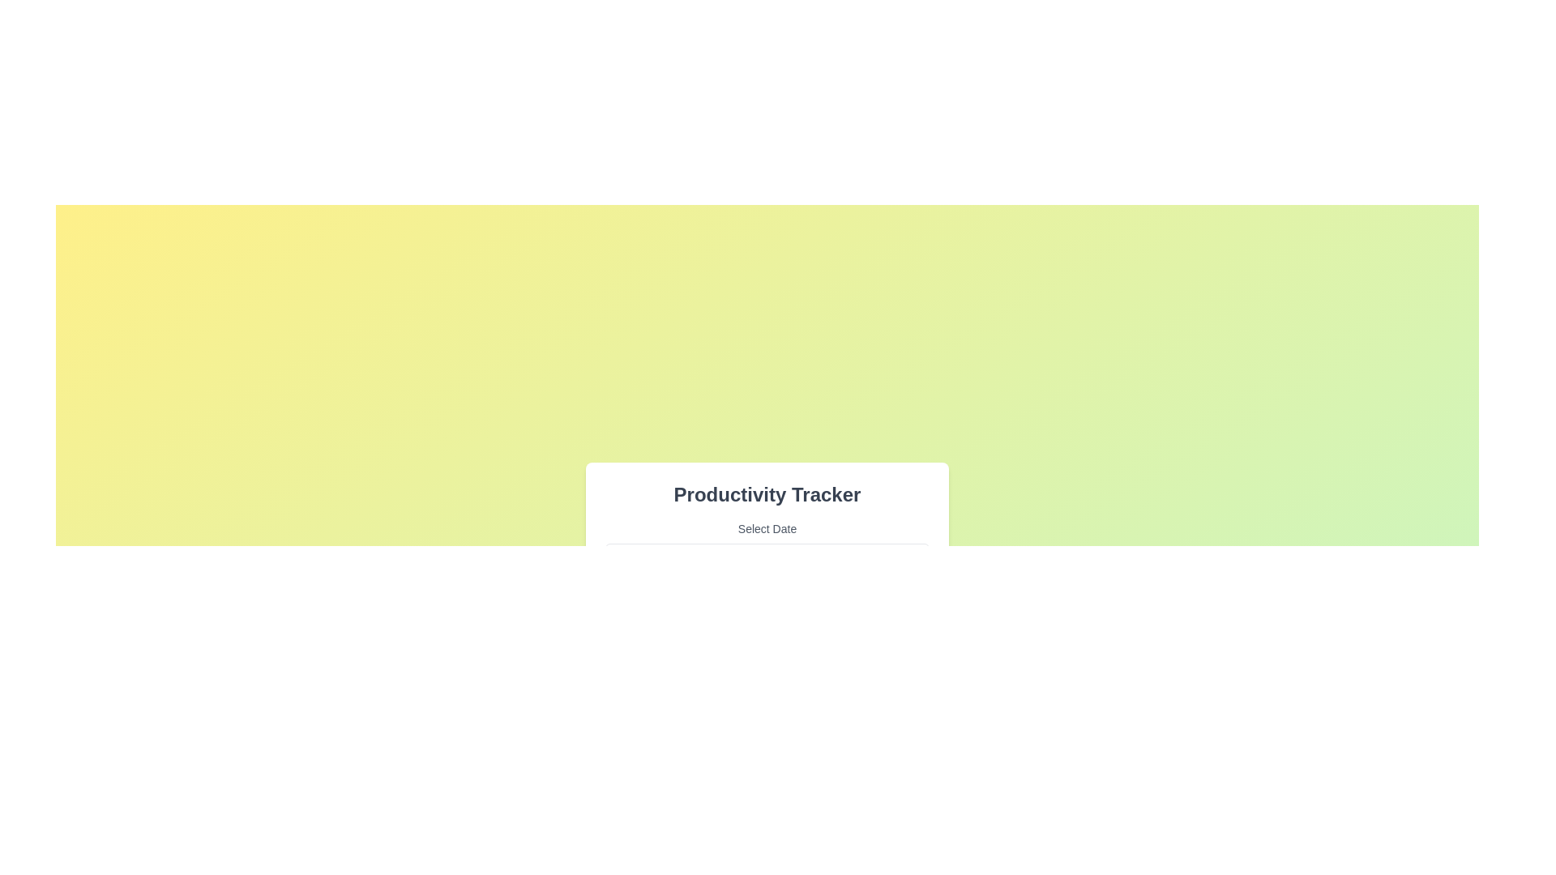 This screenshot has width=1556, height=875. I want to click on the bold text label 'Productivity Tracker' displayed at the top of the content card, so click(766, 493).